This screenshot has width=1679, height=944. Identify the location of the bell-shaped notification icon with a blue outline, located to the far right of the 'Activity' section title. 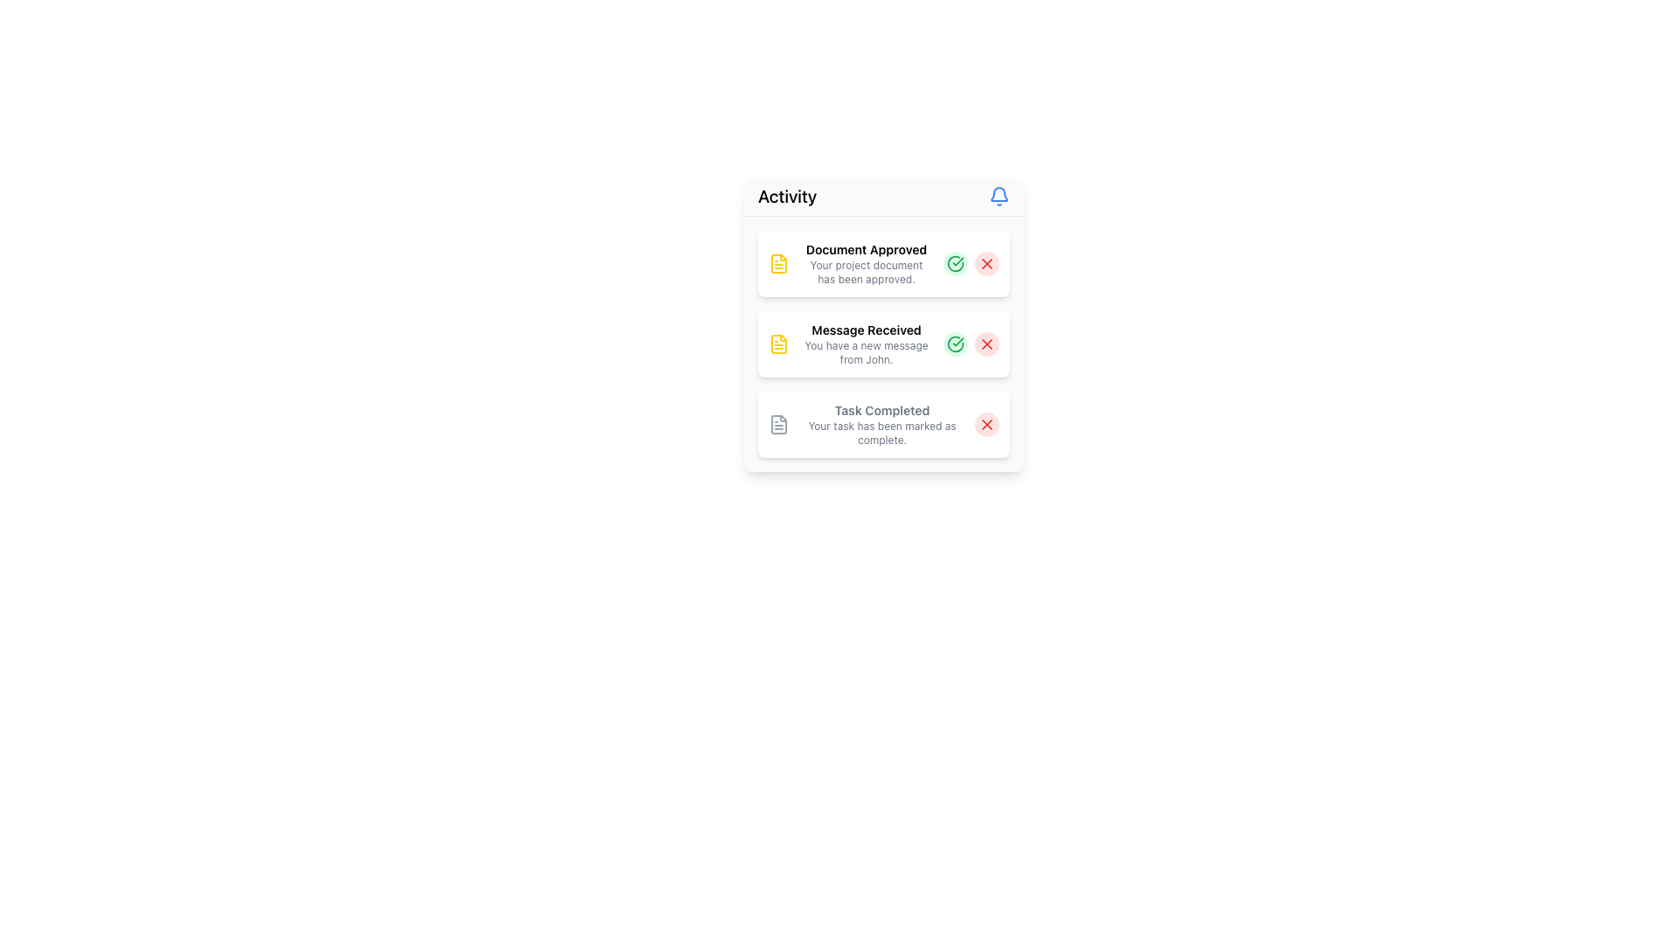
(999, 196).